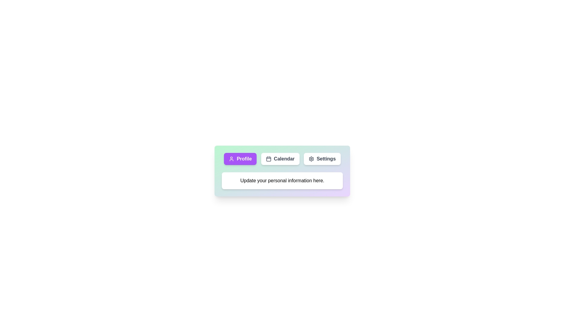 This screenshot has width=581, height=327. Describe the element at coordinates (244, 158) in the screenshot. I see `the text label indicating the purpose of the user profile button to check for interactive effects` at that location.